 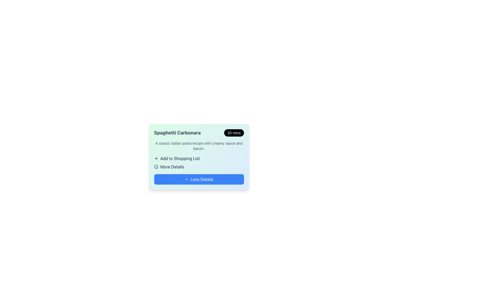 What do you see at coordinates (156, 167) in the screenshot?
I see `the informational icon displayed as a circle with a dark border, located before the 'More Details' text` at bounding box center [156, 167].